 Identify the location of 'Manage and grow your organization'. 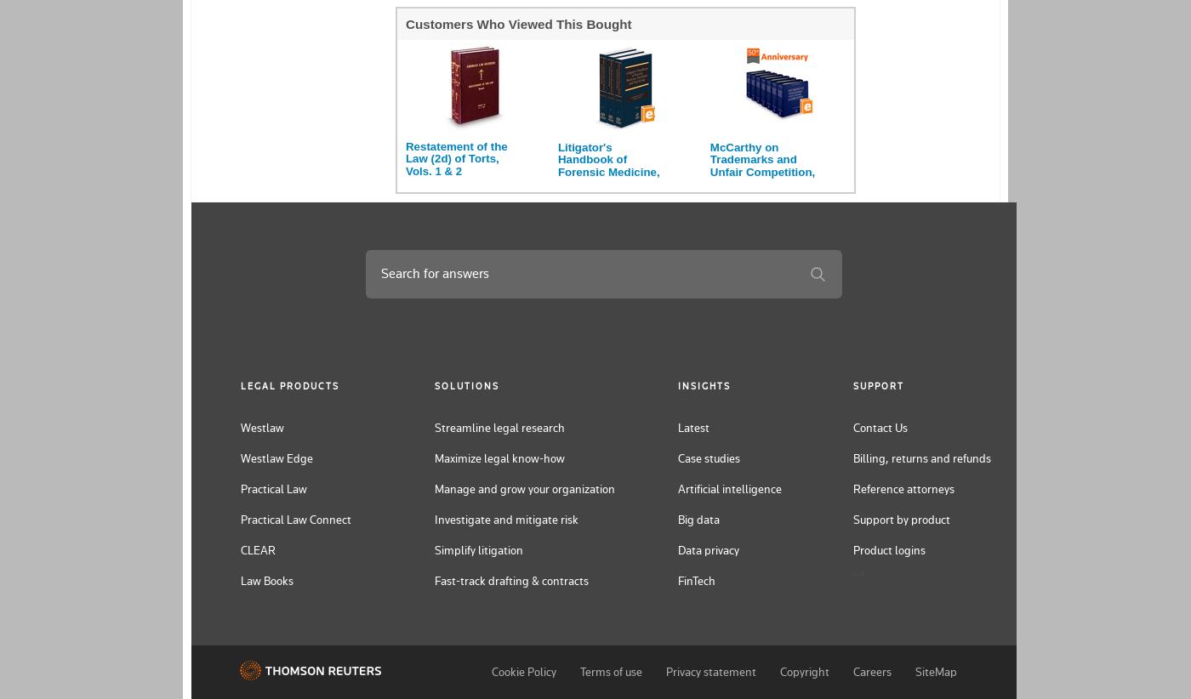
(524, 488).